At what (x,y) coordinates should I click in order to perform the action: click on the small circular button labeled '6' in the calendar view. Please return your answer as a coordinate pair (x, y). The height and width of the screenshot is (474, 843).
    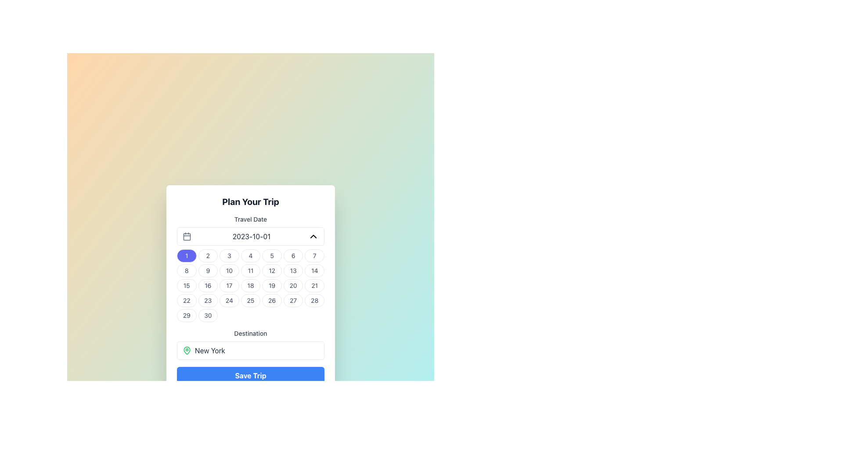
    Looking at the image, I should click on (293, 255).